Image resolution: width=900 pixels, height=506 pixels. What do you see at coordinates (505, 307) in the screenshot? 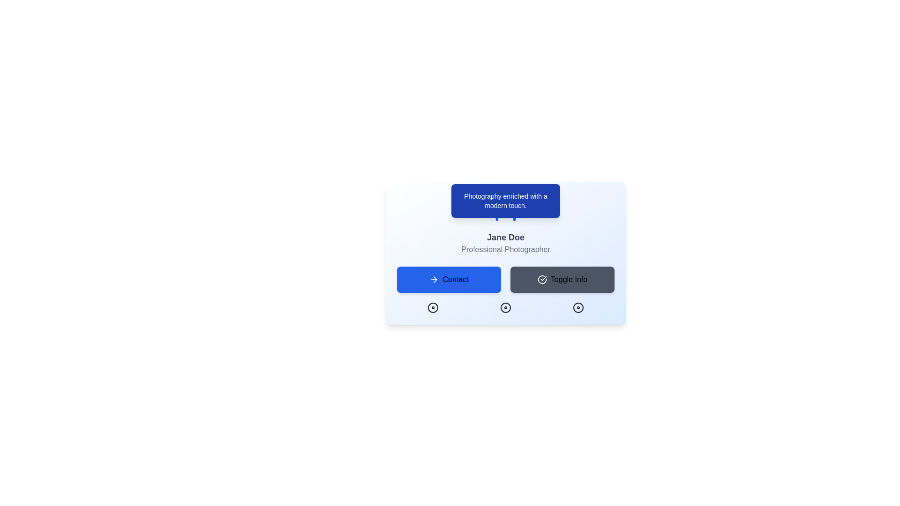
I see `the SVG circle element located at the lower middle section of the interface with a thin border and hollow appearance` at bounding box center [505, 307].